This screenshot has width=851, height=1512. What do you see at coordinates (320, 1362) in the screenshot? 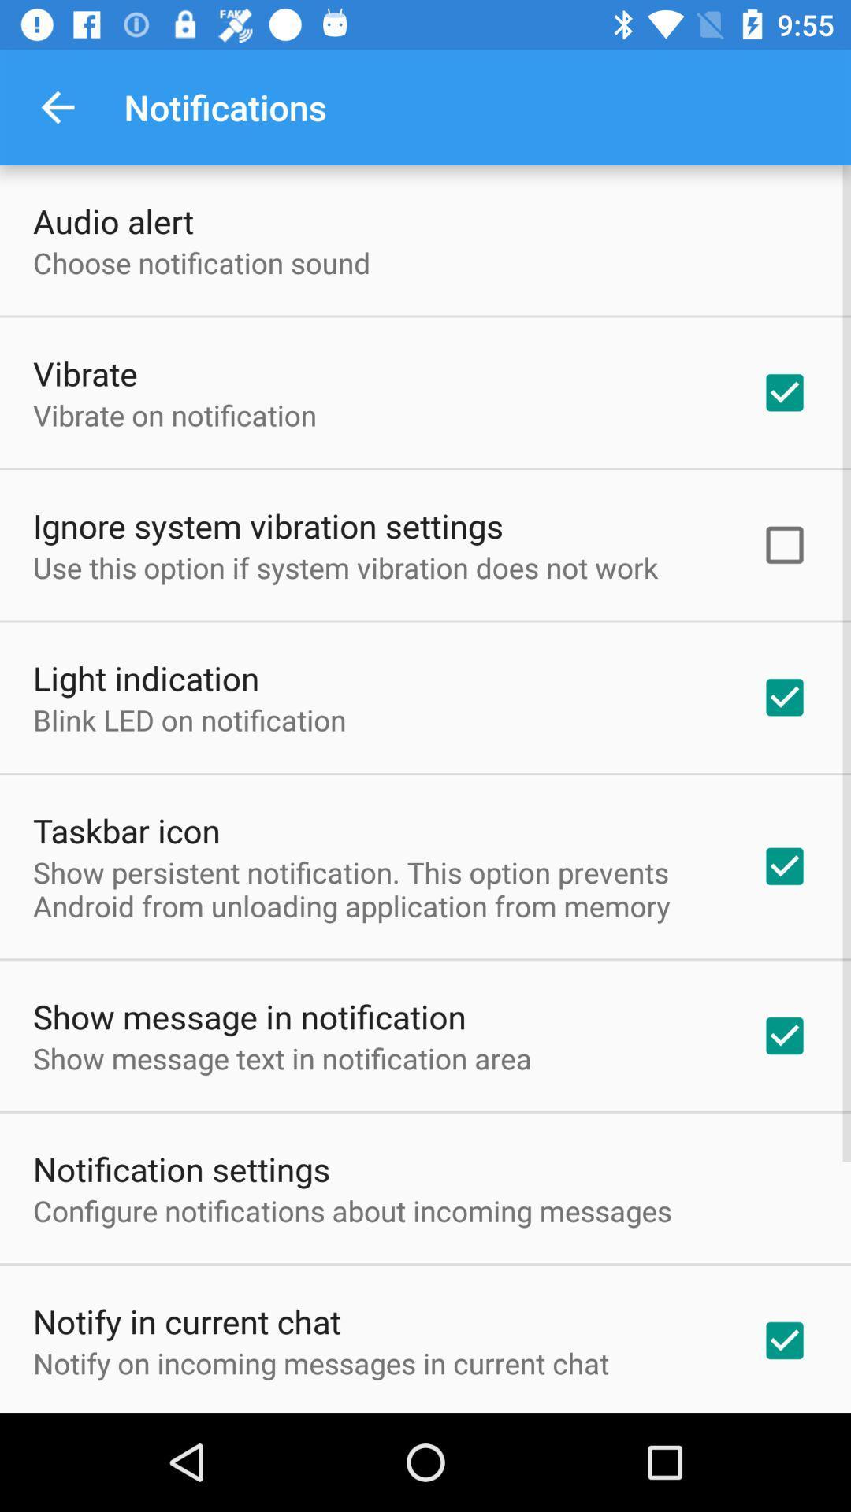
I see `the icon below the notify in current item` at bounding box center [320, 1362].